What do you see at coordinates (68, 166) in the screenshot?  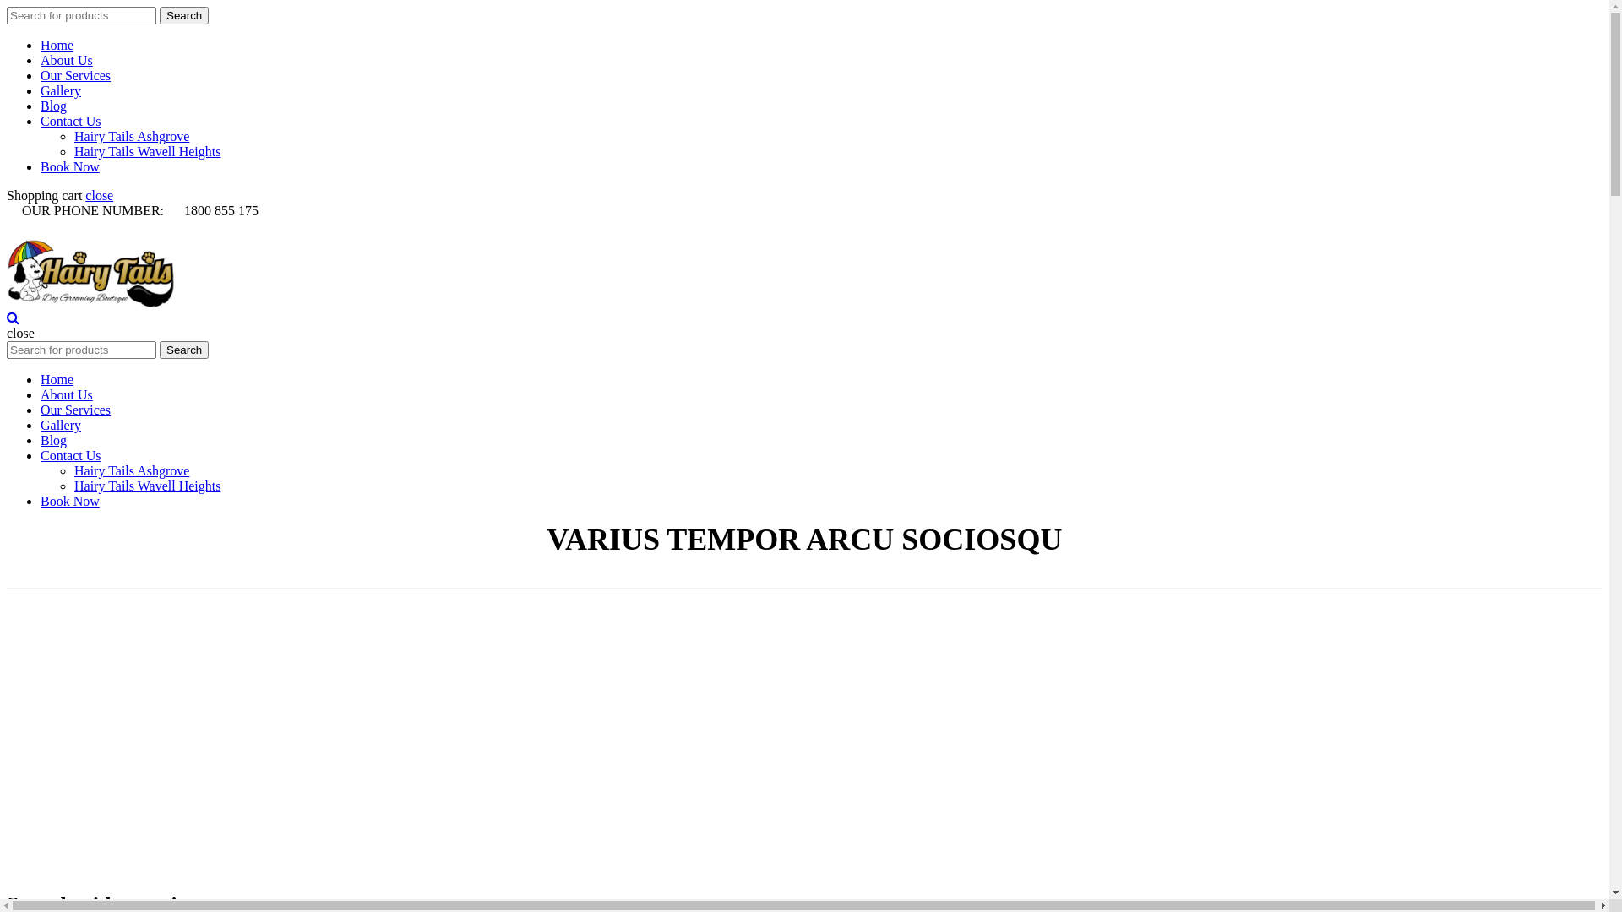 I see `'Book Now'` at bounding box center [68, 166].